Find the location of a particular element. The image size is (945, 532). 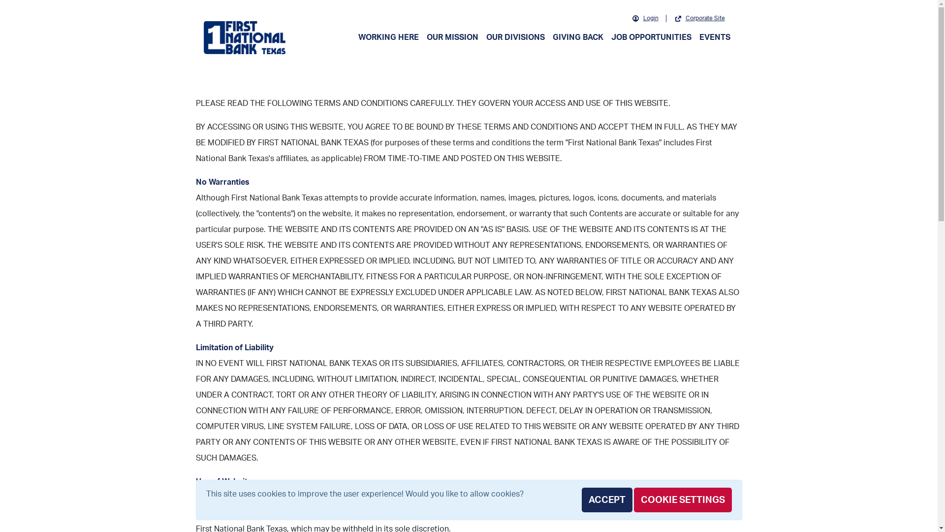

'Corporate Site' is located at coordinates (699, 18).